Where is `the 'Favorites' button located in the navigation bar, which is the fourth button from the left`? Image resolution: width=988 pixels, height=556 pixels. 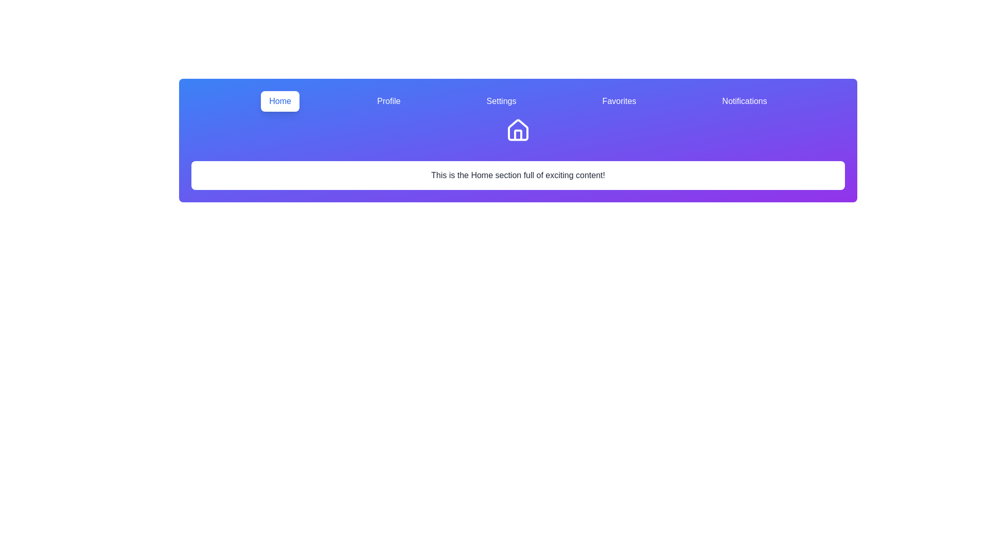 the 'Favorites' button located in the navigation bar, which is the fourth button from the left is located at coordinates (619, 101).